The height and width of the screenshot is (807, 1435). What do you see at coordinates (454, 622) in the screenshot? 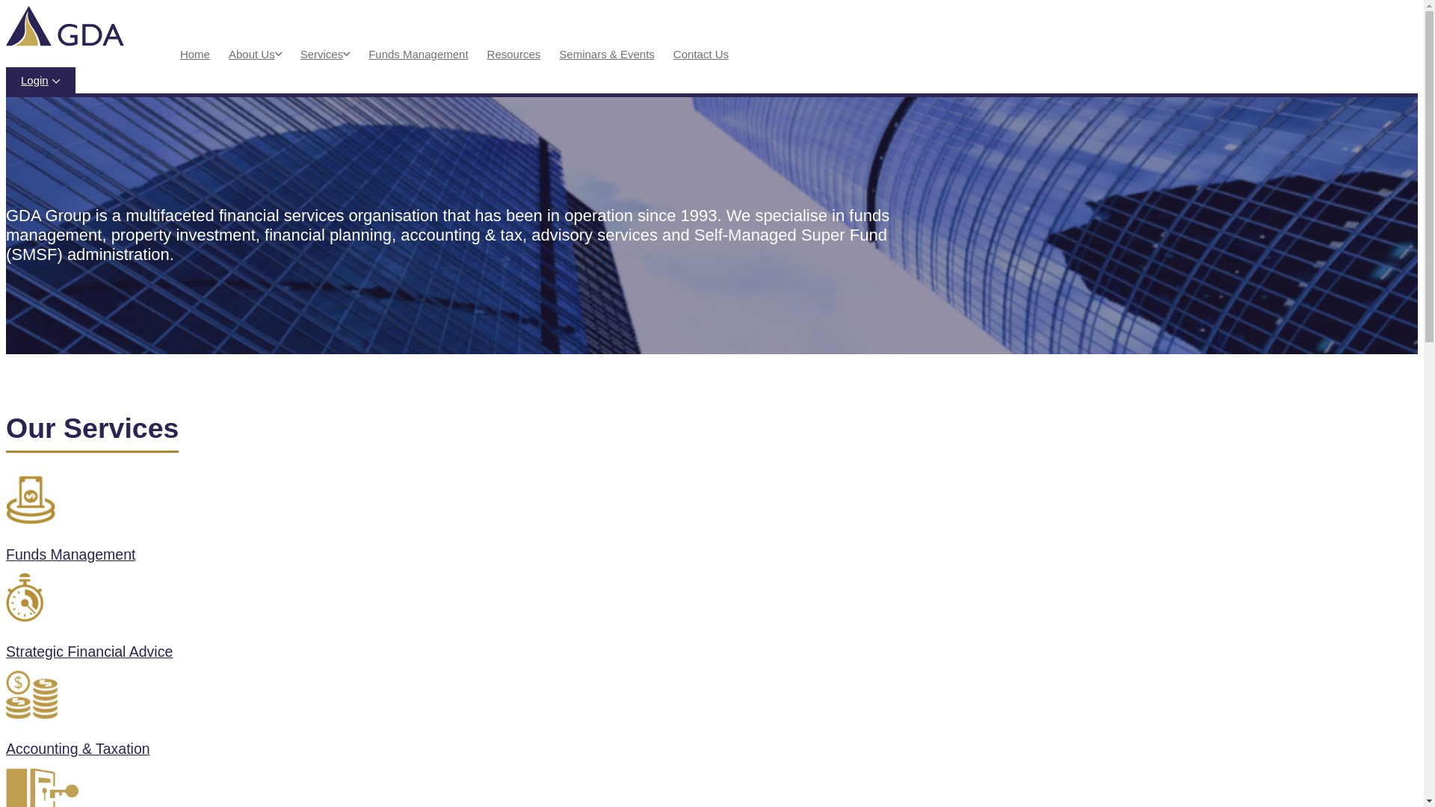
I see `'Strategic Financial Advice'` at bounding box center [454, 622].